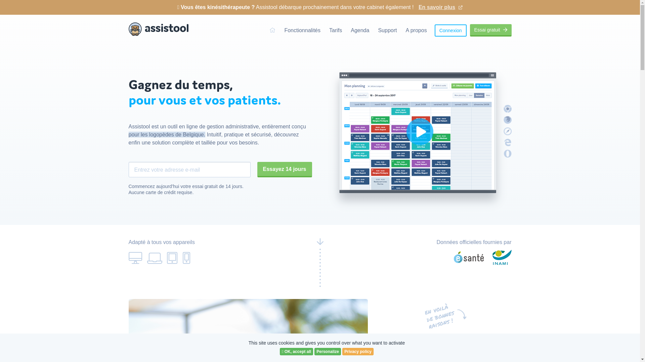 Image resolution: width=645 pixels, height=362 pixels. I want to click on 'Essai gratuit', so click(490, 30).